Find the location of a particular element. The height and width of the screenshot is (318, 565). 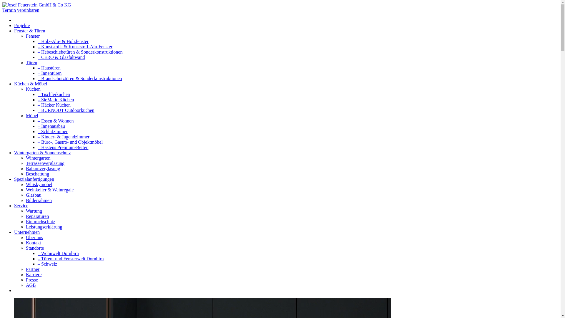

'Projekte' is located at coordinates (22, 25).